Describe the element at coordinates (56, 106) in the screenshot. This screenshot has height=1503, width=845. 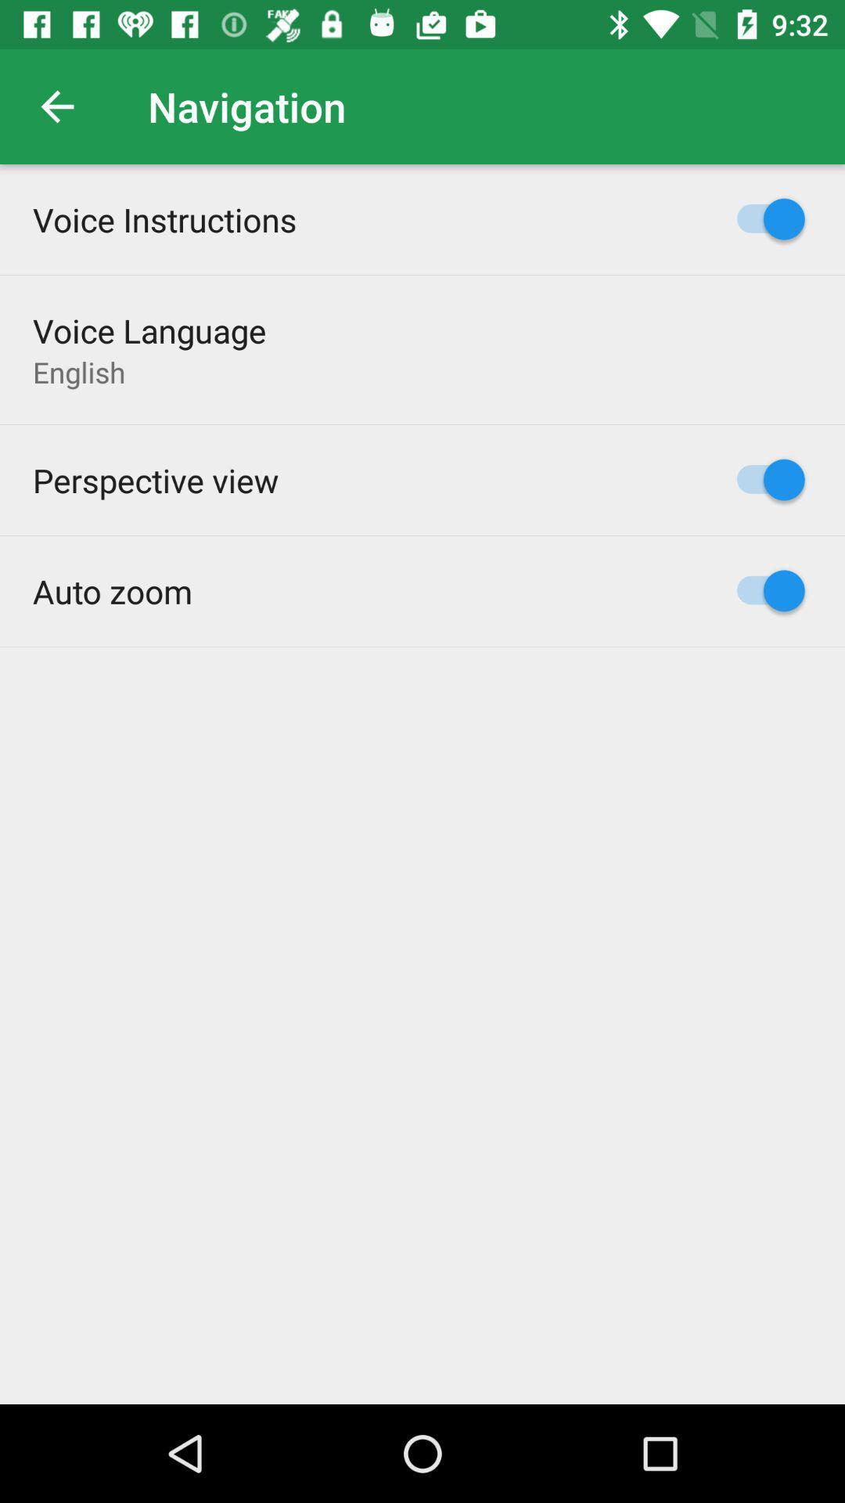
I see `the icon next to the navigation item` at that location.